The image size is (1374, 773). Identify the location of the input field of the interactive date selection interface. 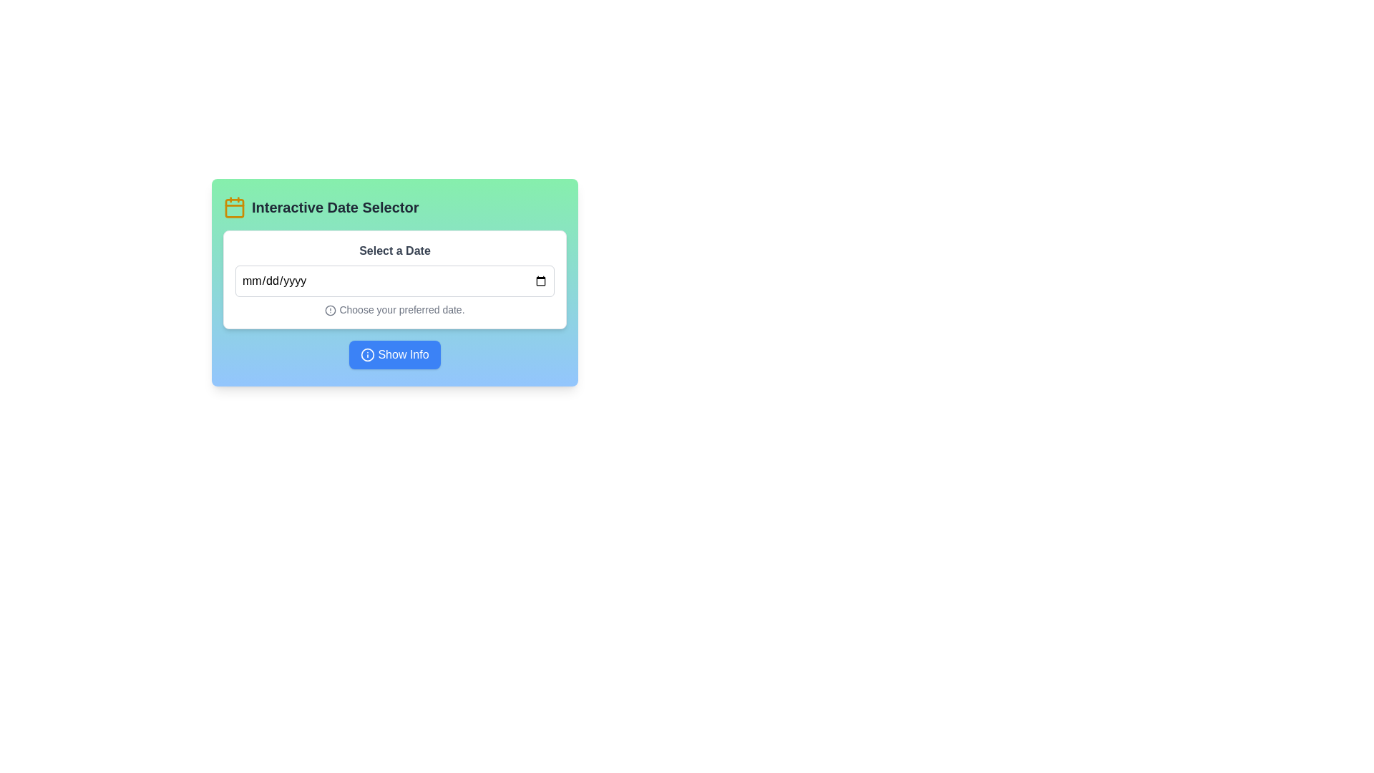
(395, 282).